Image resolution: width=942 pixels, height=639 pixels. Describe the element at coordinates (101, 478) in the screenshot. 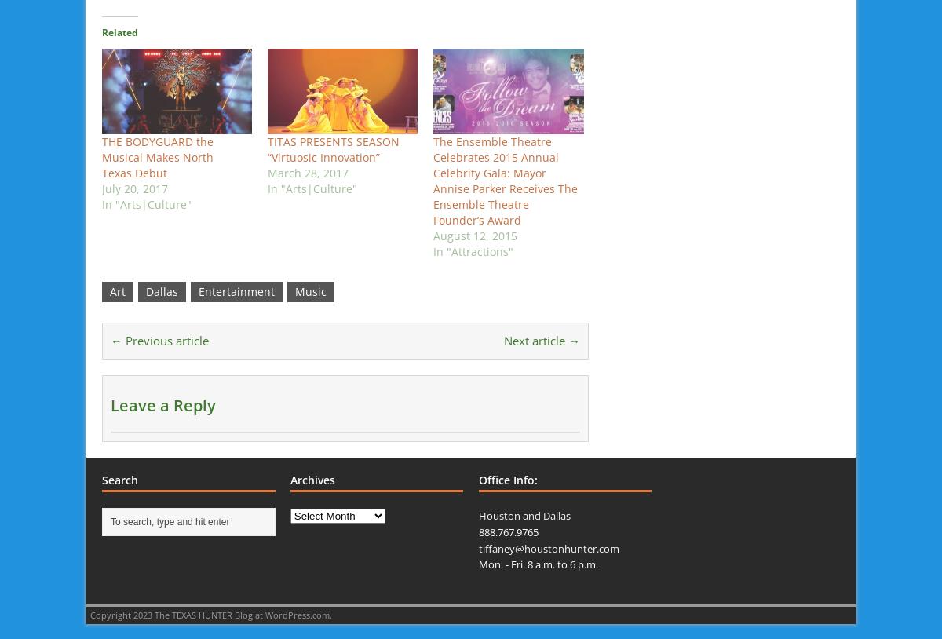

I see `'Search'` at that location.